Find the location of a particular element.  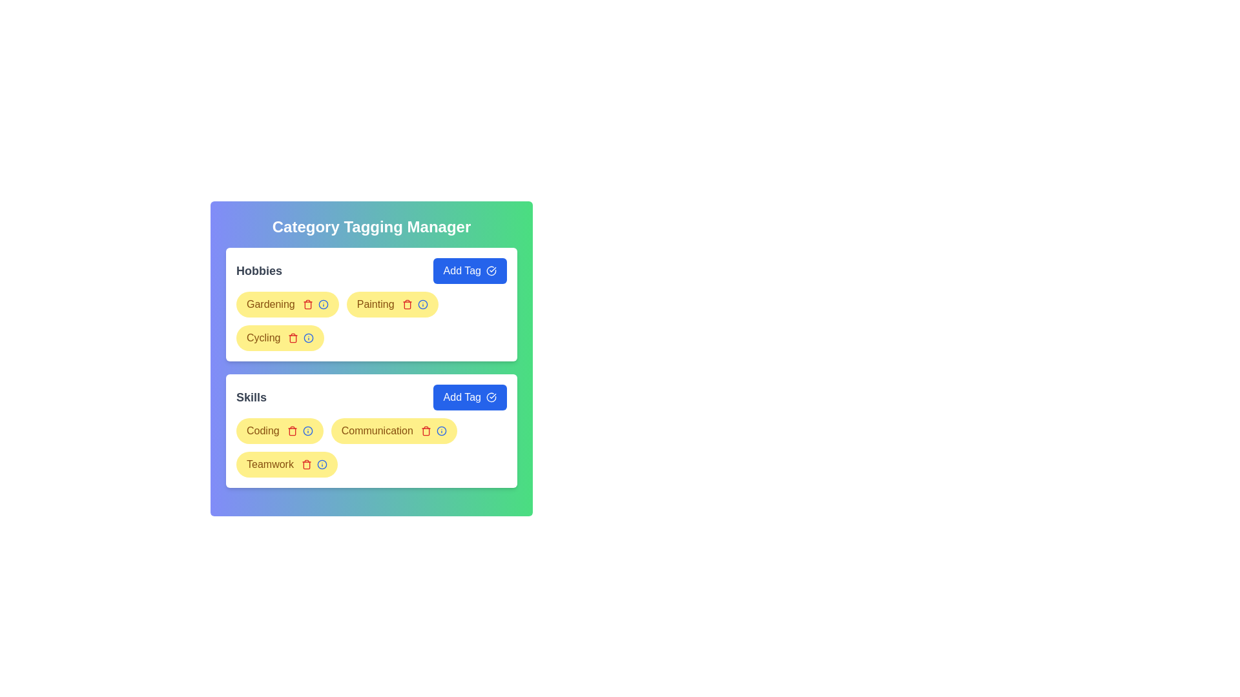

the clickable info icon/button located in the yellow badge labeled 'Coding', which provides additional information about the 'Coding' tag is located at coordinates (307, 430).